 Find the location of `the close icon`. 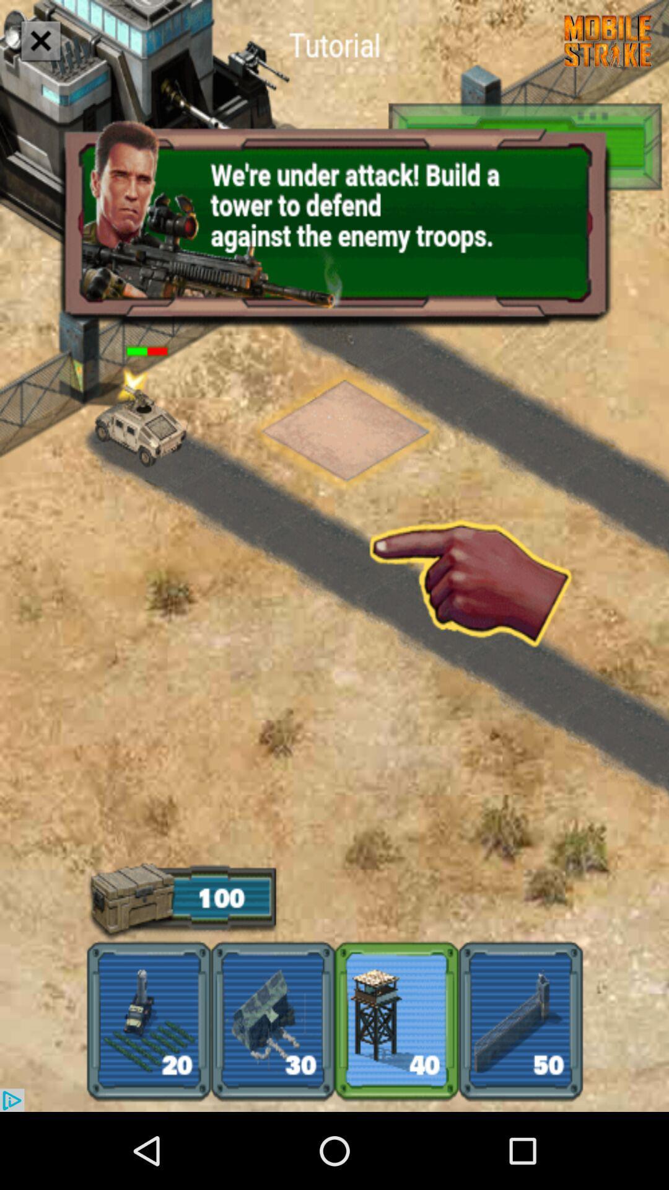

the close icon is located at coordinates (40, 43).